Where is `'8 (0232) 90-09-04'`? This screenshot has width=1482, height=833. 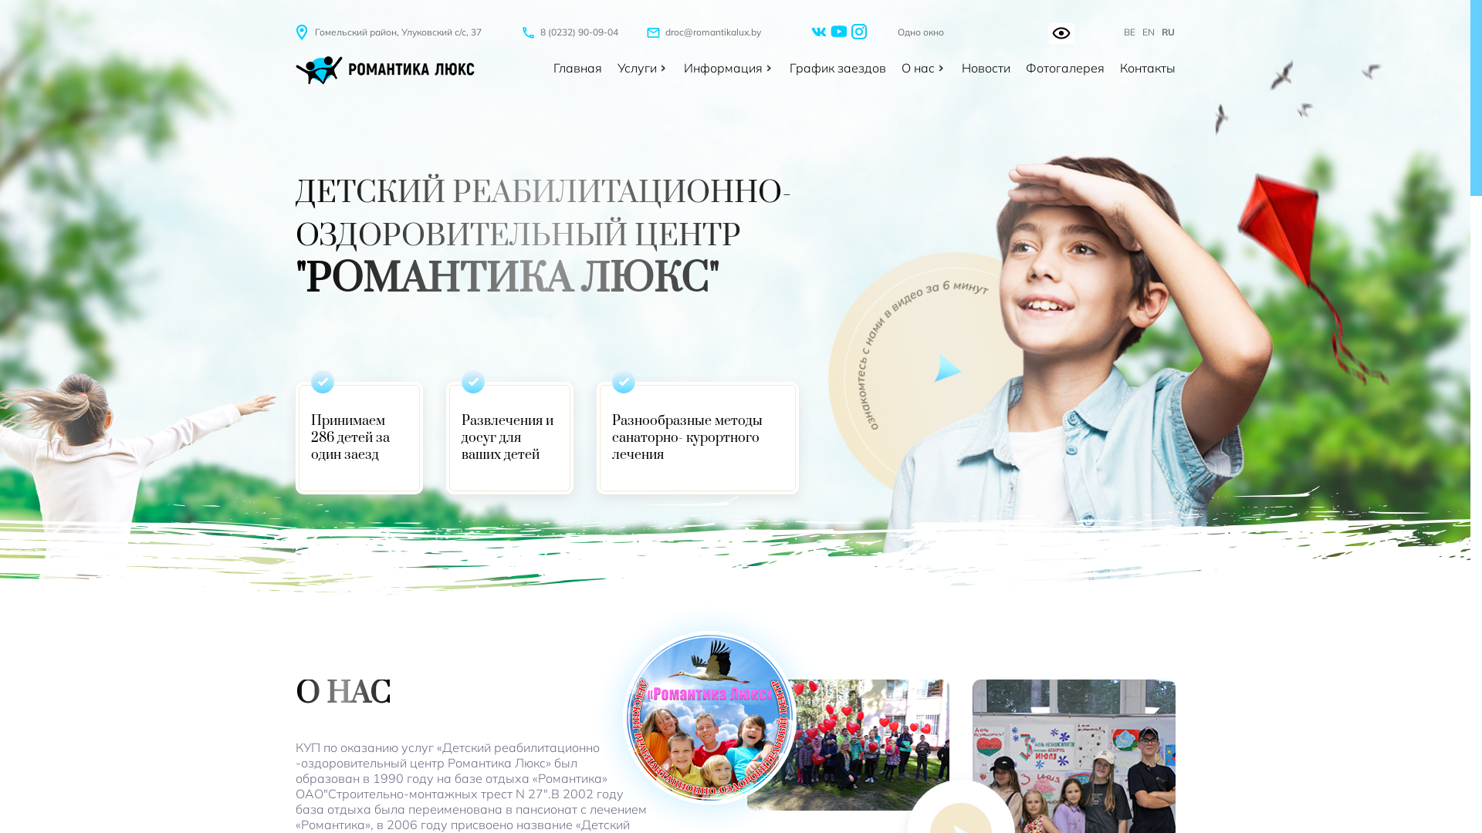 '8 (0232) 90-09-04' is located at coordinates (521, 32).